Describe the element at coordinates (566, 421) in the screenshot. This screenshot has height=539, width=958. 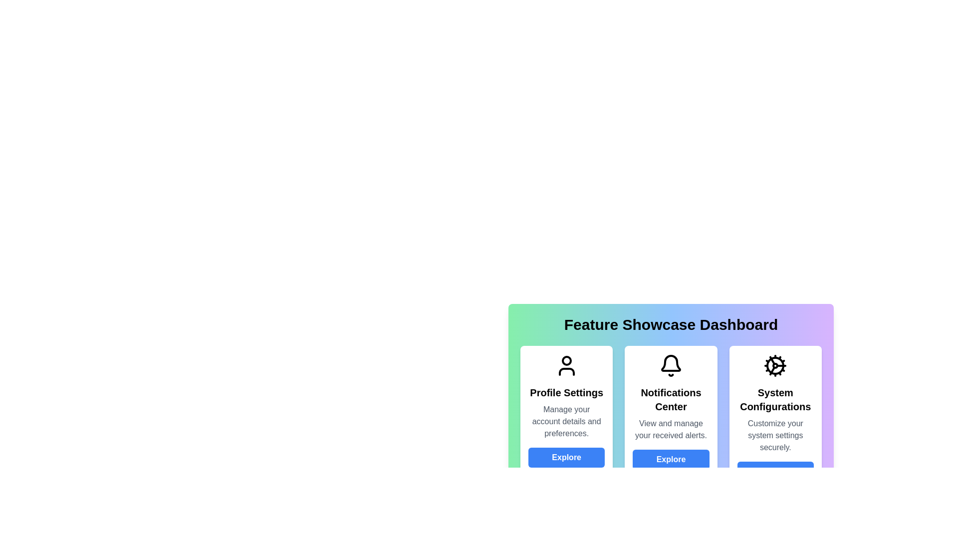
I see `the static text element that says 'Manage your account details and preferences.' which is located in the 'Profile Settings' card, below the title 'Profile Settings'` at that location.